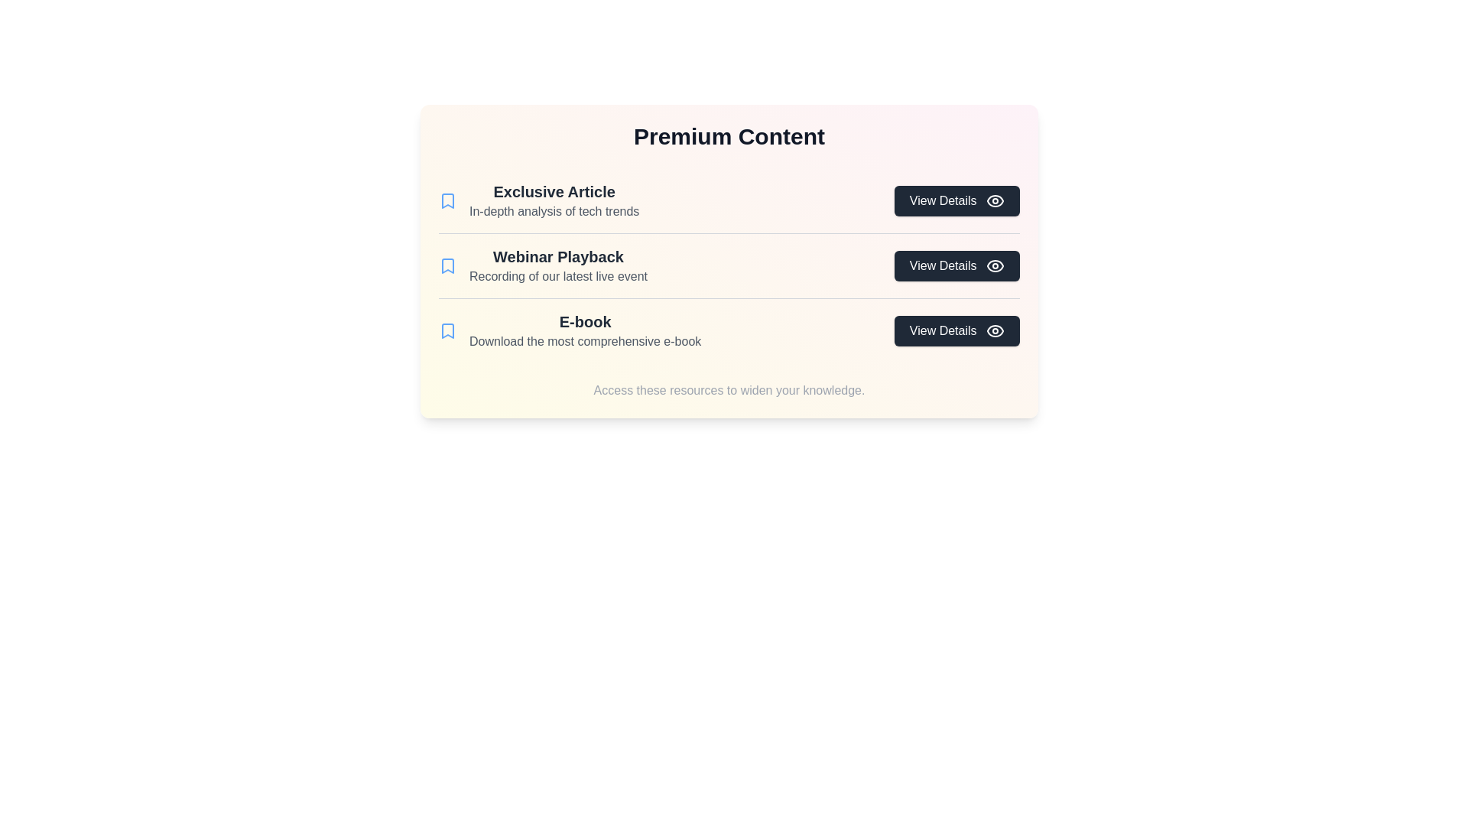 The width and height of the screenshot is (1468, 826). I want to click on the footer text at the bottom of the component to read the additional context, so click(729, 389).